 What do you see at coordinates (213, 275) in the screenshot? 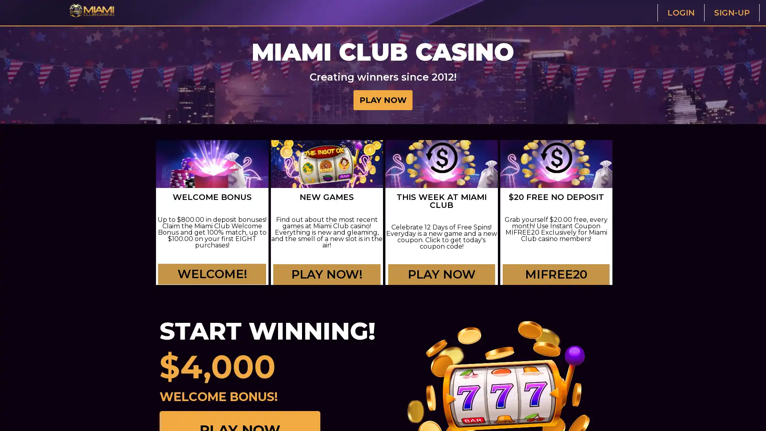
I see `WELCOME!` at bounding box center [213, 275].